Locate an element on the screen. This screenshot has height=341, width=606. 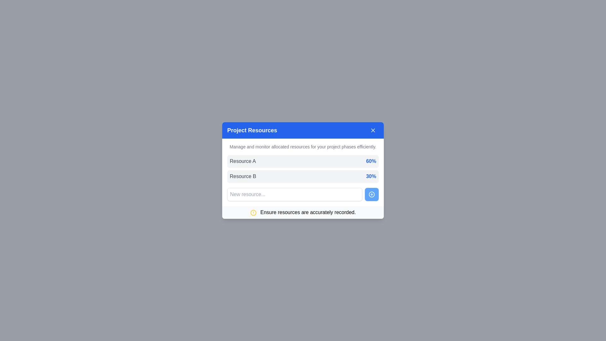
the static text label that identifies a resource, located in the second row of the modal window, to the left of the numerical value '30%' is located at coordinates (242, 176).